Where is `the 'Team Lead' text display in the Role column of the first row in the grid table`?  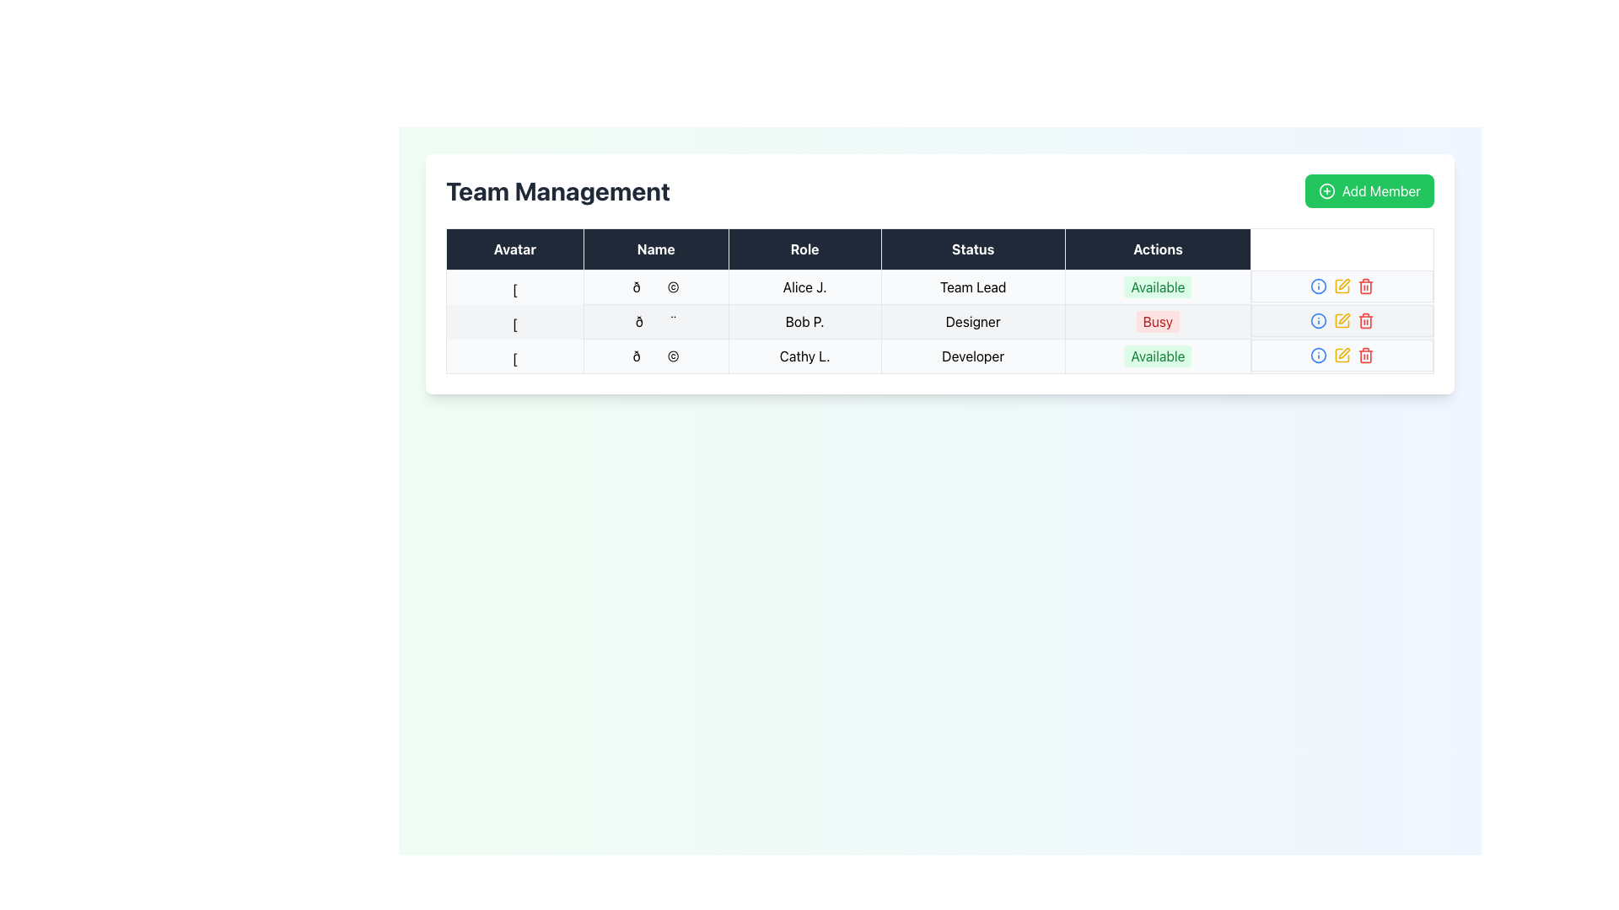
the 'Team Lead' text display in the Role column of the first row in the grid table is located at coordinates (939, 286).